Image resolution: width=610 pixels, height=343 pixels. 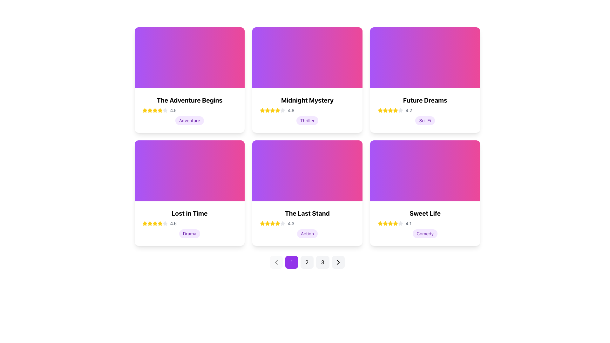 I want to click on the Tag label located below the numerical rating '4.8' in the card titled 'Midnight Mystery' in the second column of the first row, so click(x=307, y=121).